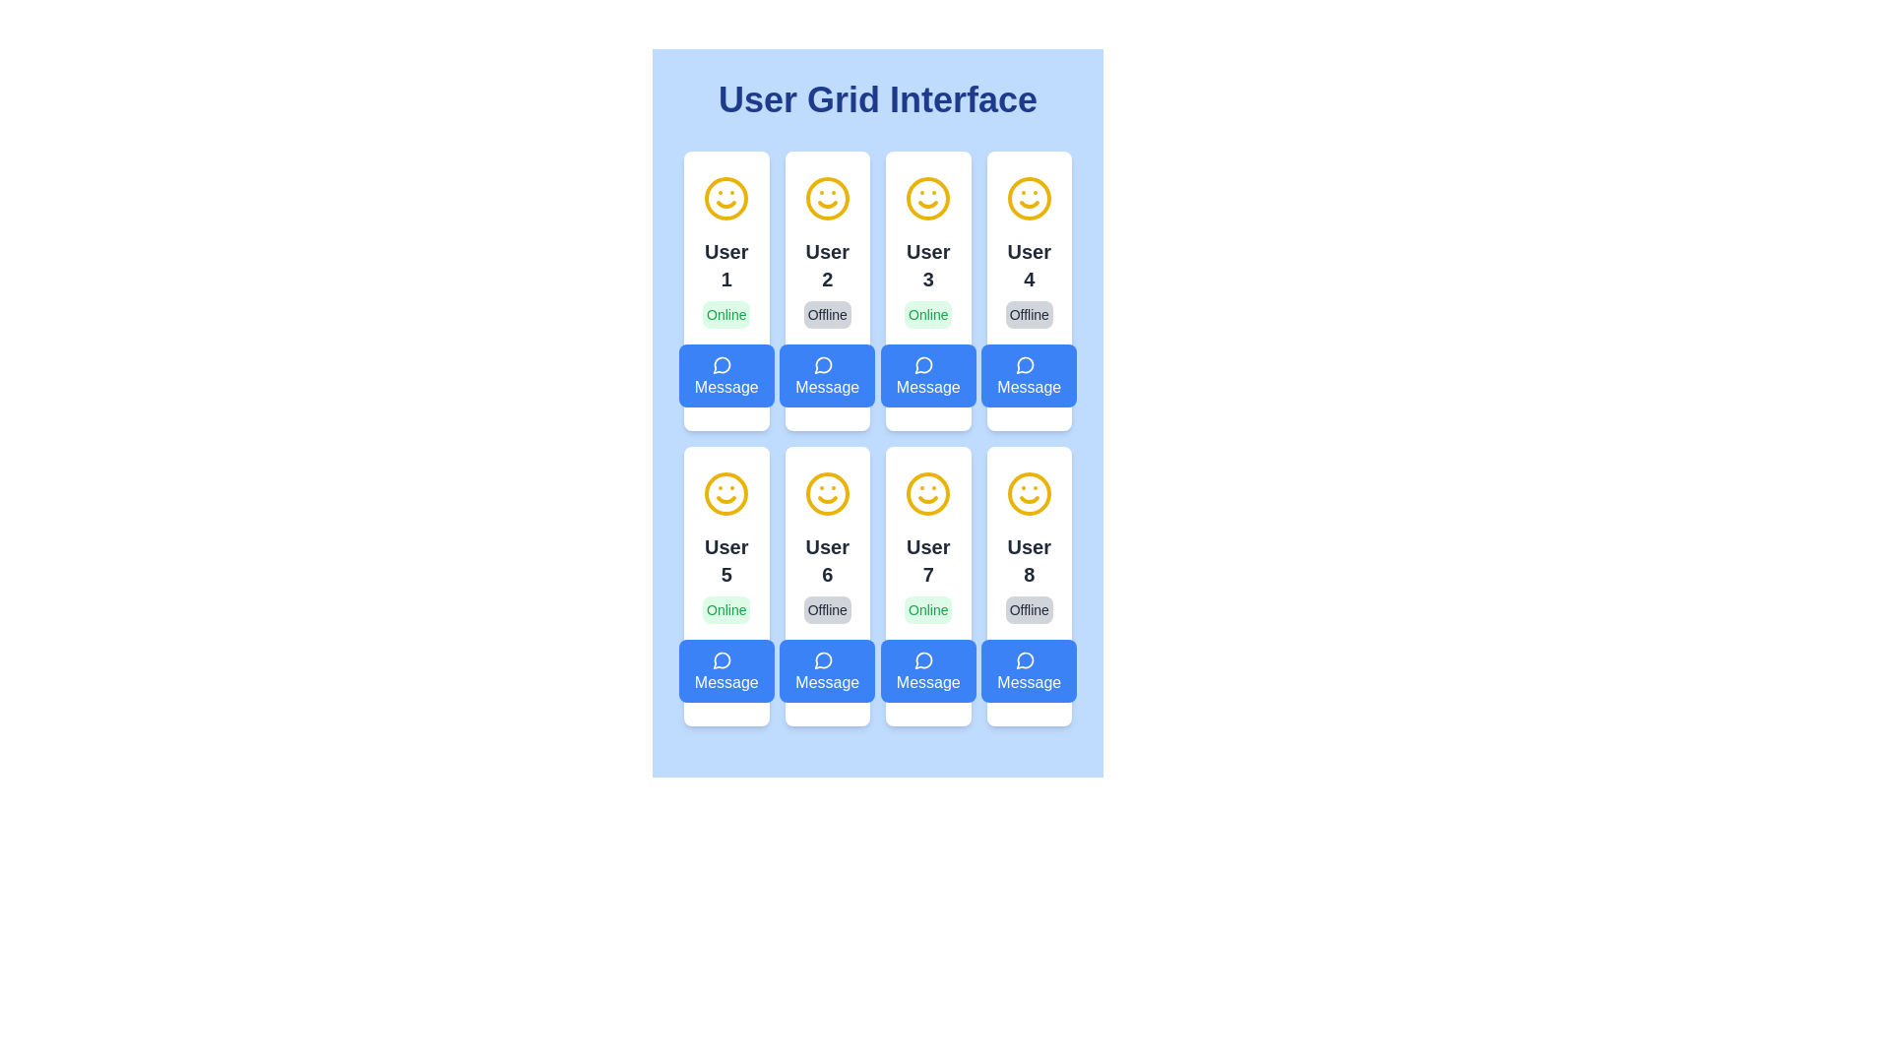 The height and width of the screenshot is (1063, 1890). What do you see at coordinates (1028, 492) in the screenshot?
I see `the decorative icon representing the state or mood of 'User 8' located at the top-center of the user card` at bounding box center [1028, 492].